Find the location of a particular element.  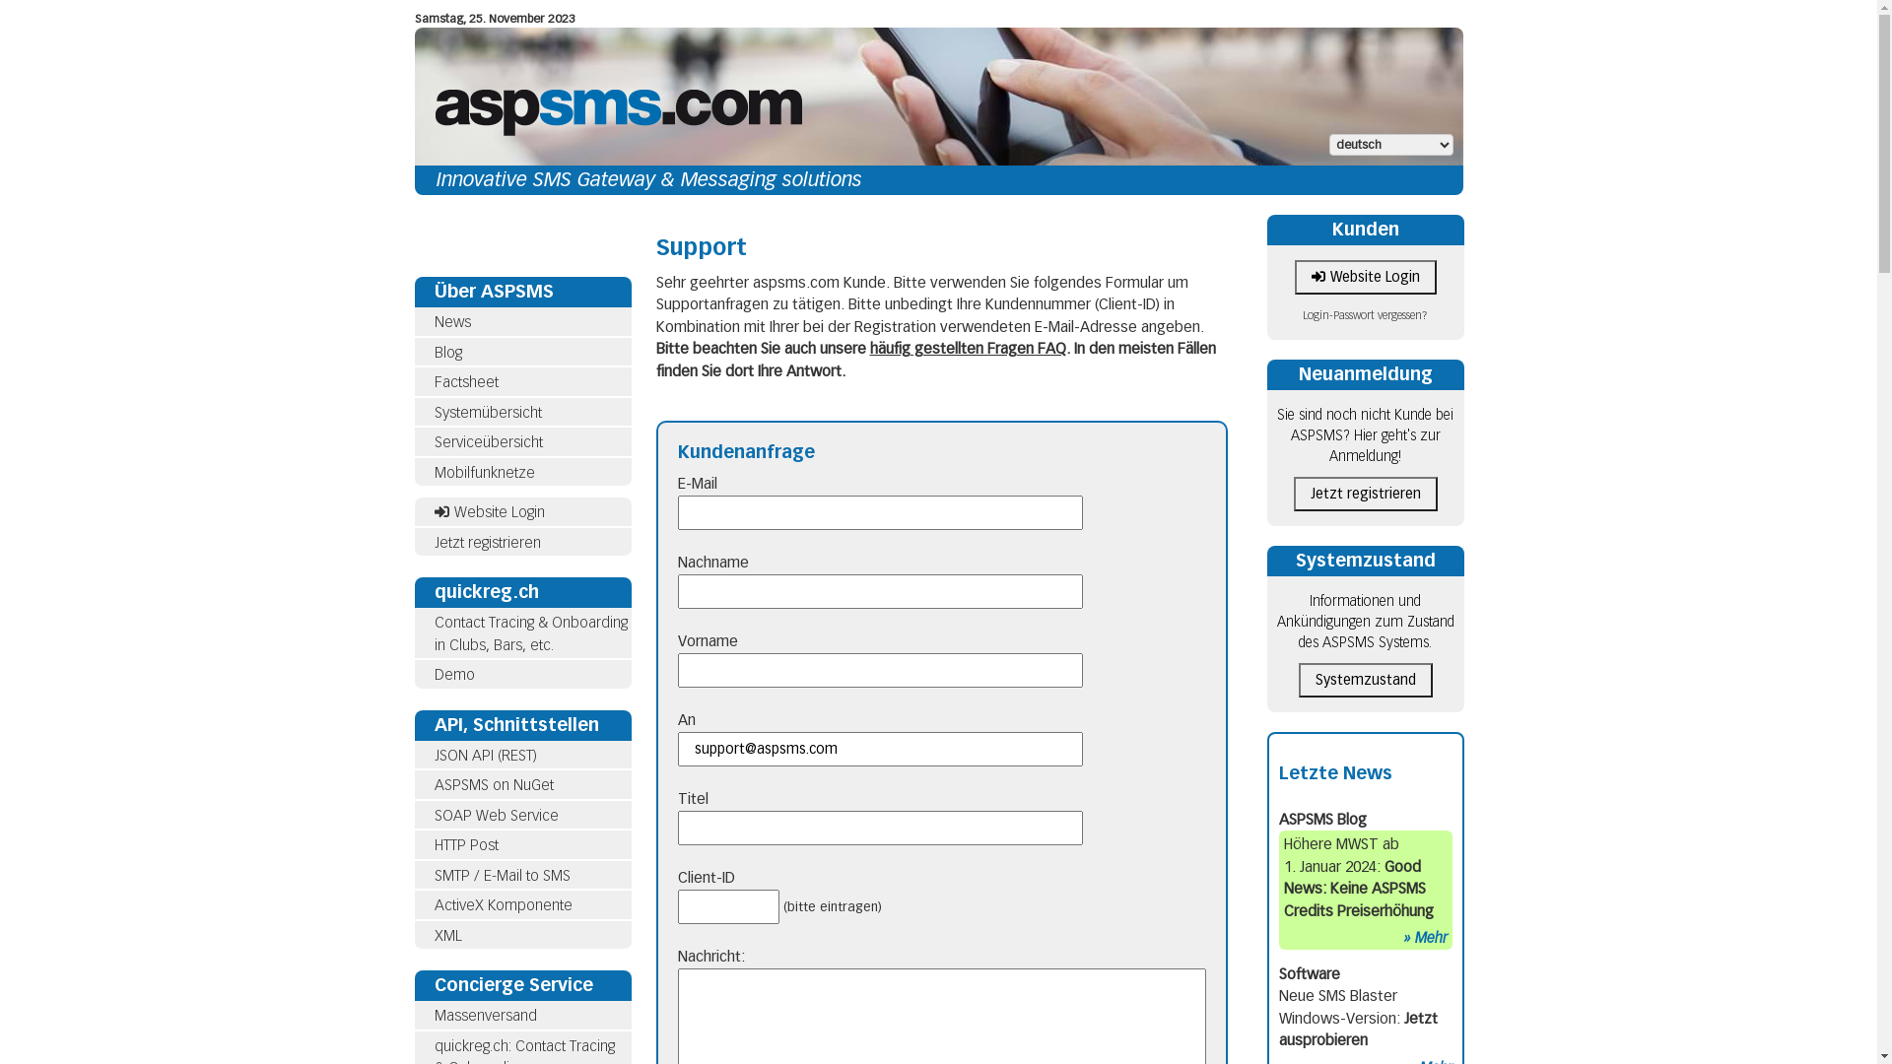

'SOAP Web Service' is located at coordinates (496, 814).